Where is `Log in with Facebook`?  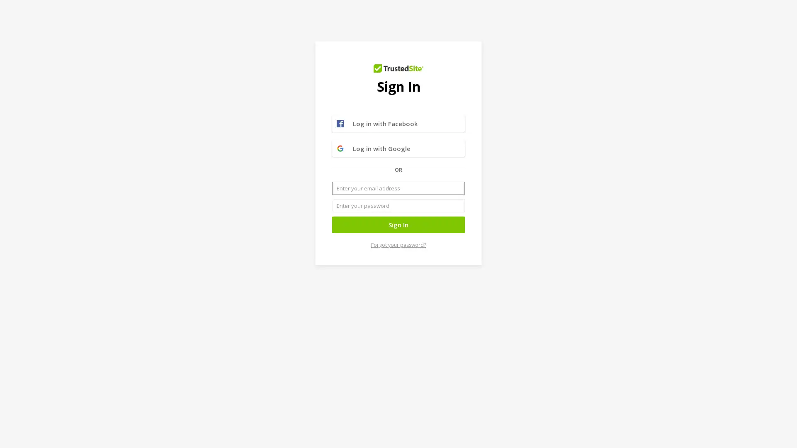
Log in with Facebook is located at coordinates (398, 123).